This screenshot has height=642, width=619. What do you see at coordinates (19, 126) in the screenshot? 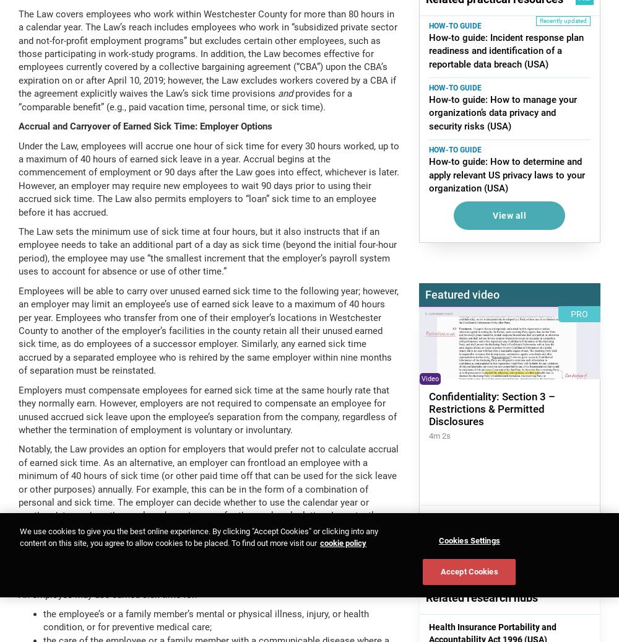
I see `'Accrual and Carryover of Earned Sick Time: Employer Options'` at bounding box center [19, 126].